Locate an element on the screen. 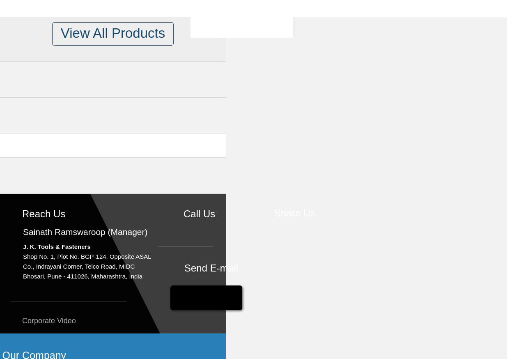  'Reach Us' is located at coordinates (21, 214).